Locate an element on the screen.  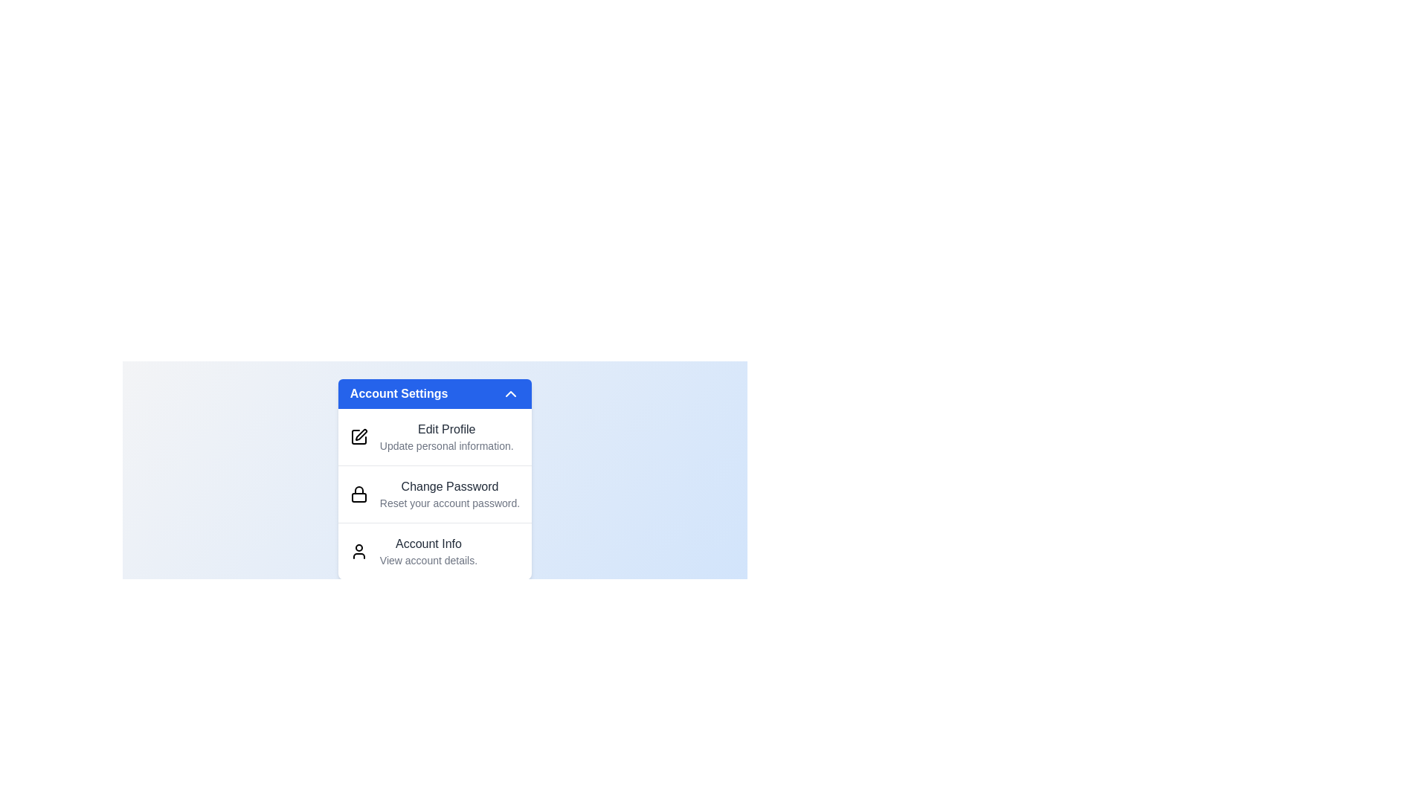
the menu item Account Info from the dropdown menu is located at coordinates (434, 551).